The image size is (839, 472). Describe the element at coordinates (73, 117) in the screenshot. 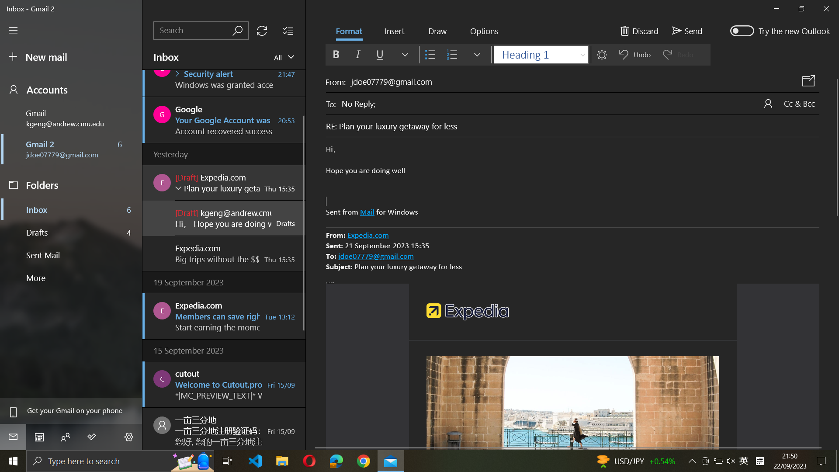

I see `current email address to kgeng@andrew.cmu.edu` at that location.